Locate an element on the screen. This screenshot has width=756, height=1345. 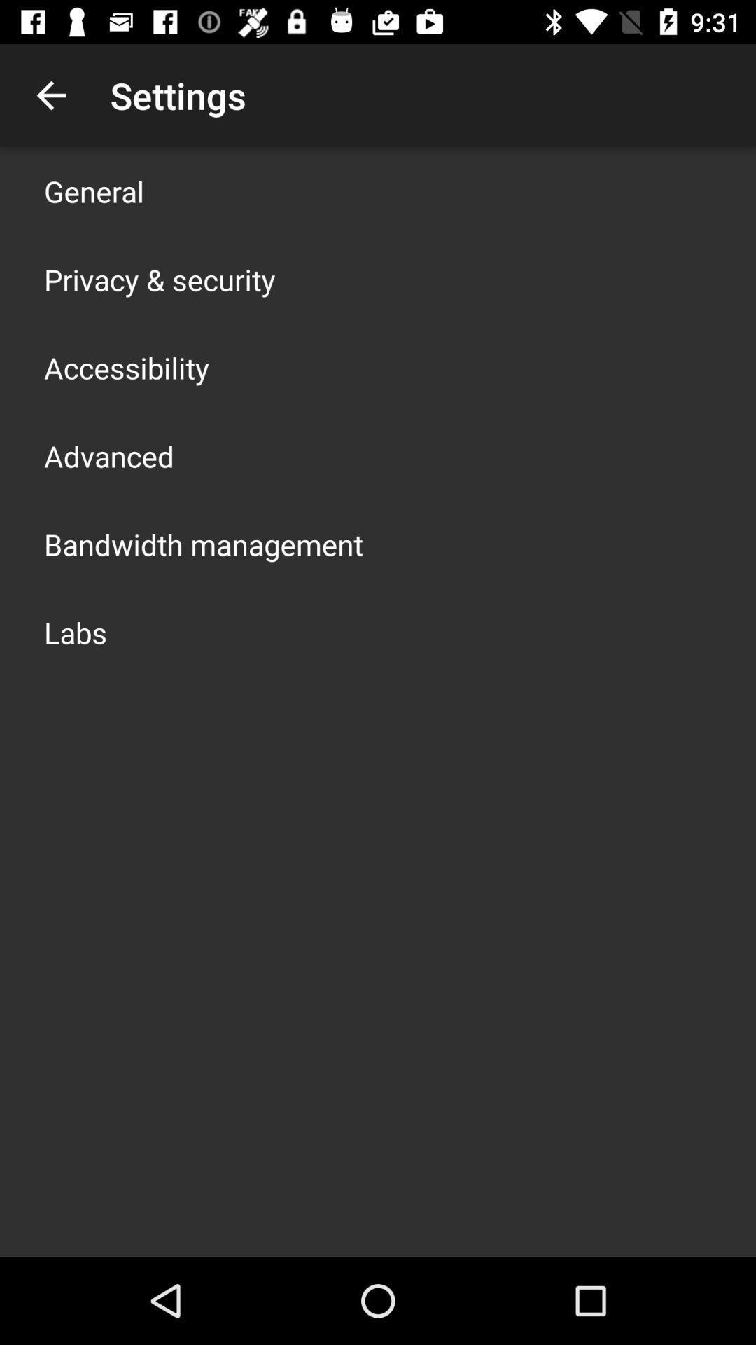
item above general icon is located at coordinates (50, 95).